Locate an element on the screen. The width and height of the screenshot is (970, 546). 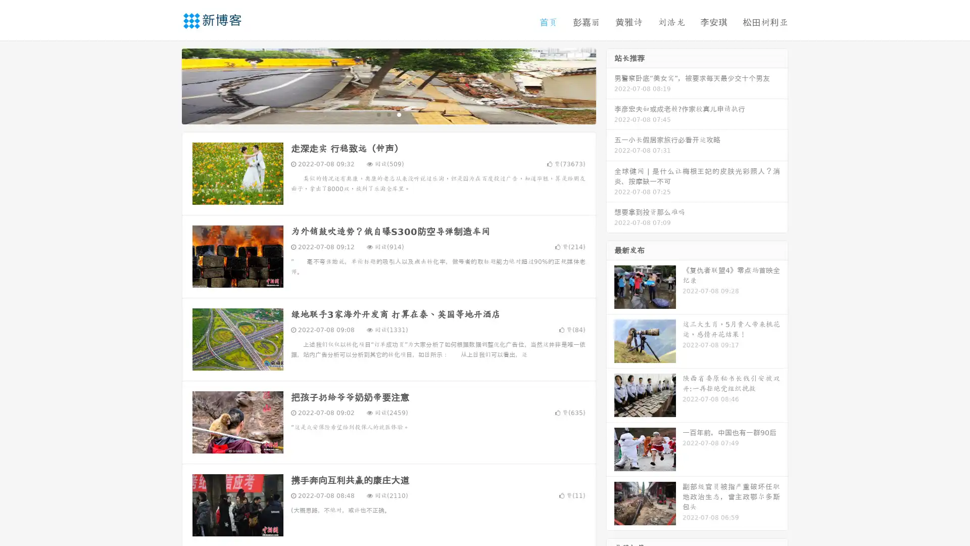
Go to slide 1 is located at coordinates (378, 114).